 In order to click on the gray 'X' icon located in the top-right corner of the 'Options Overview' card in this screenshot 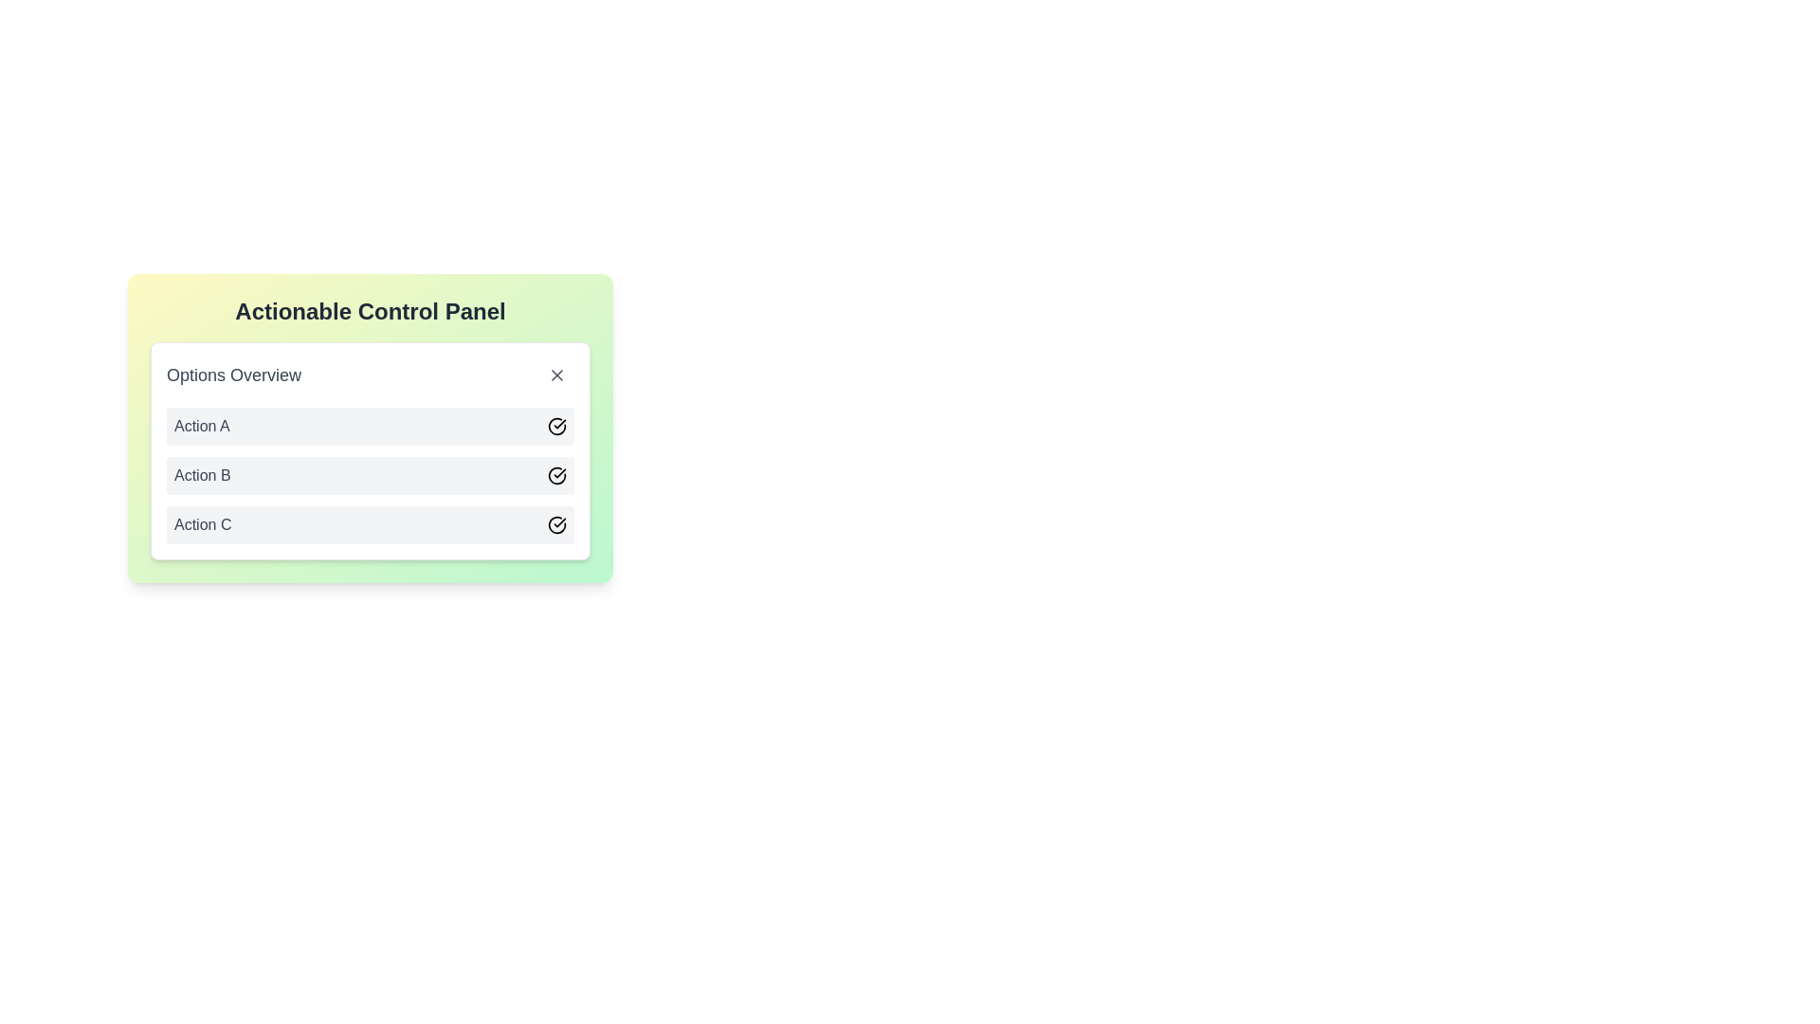, I will do `click(556, 375)`.